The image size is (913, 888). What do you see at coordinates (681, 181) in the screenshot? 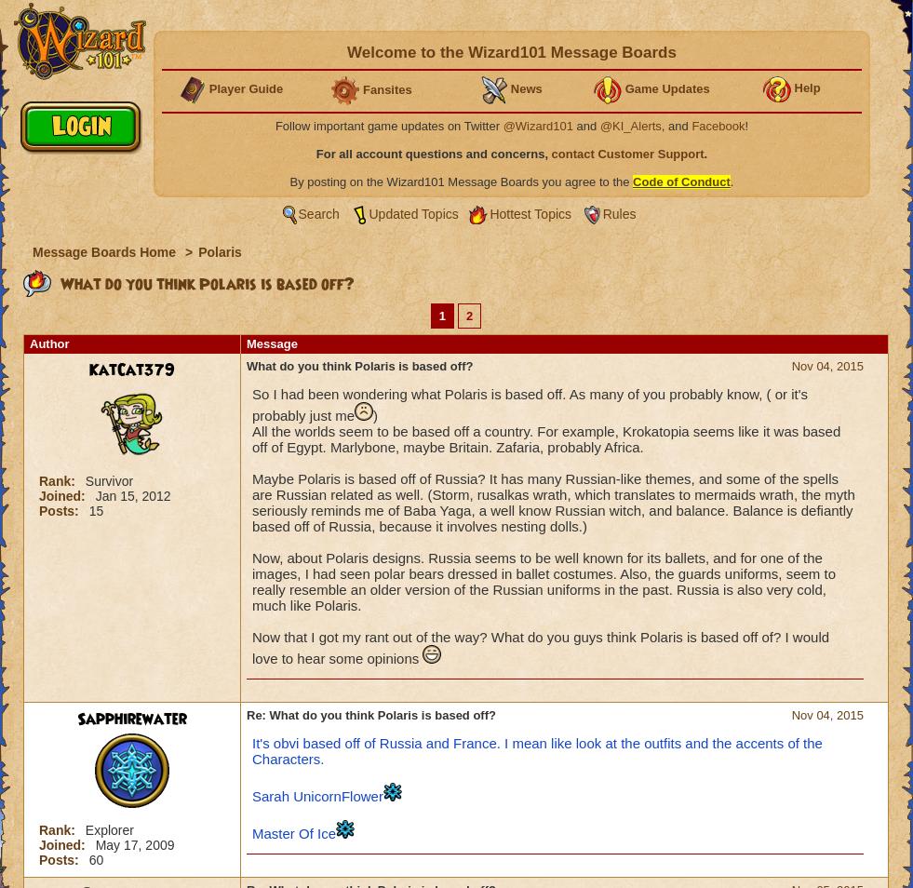
I see `'Code of Conduct'` at bounding box center [681, 181].